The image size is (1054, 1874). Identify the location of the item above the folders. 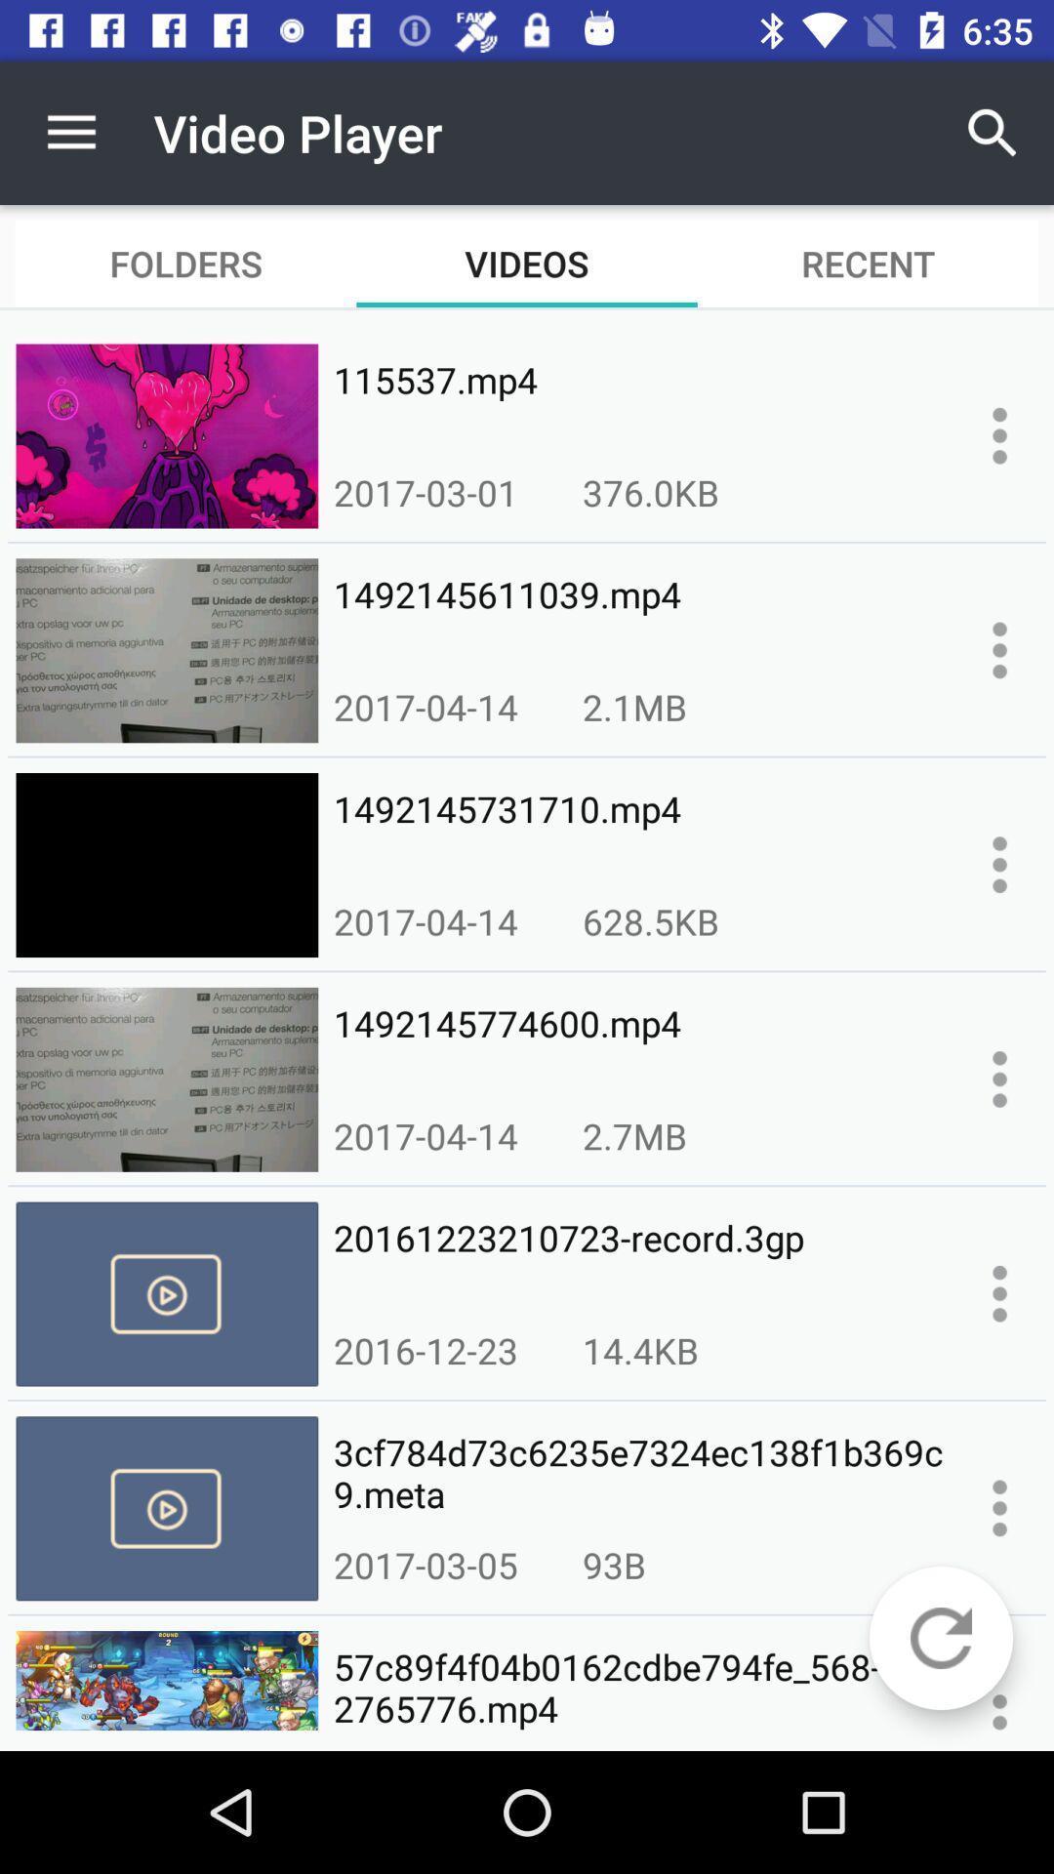
(70, 132).